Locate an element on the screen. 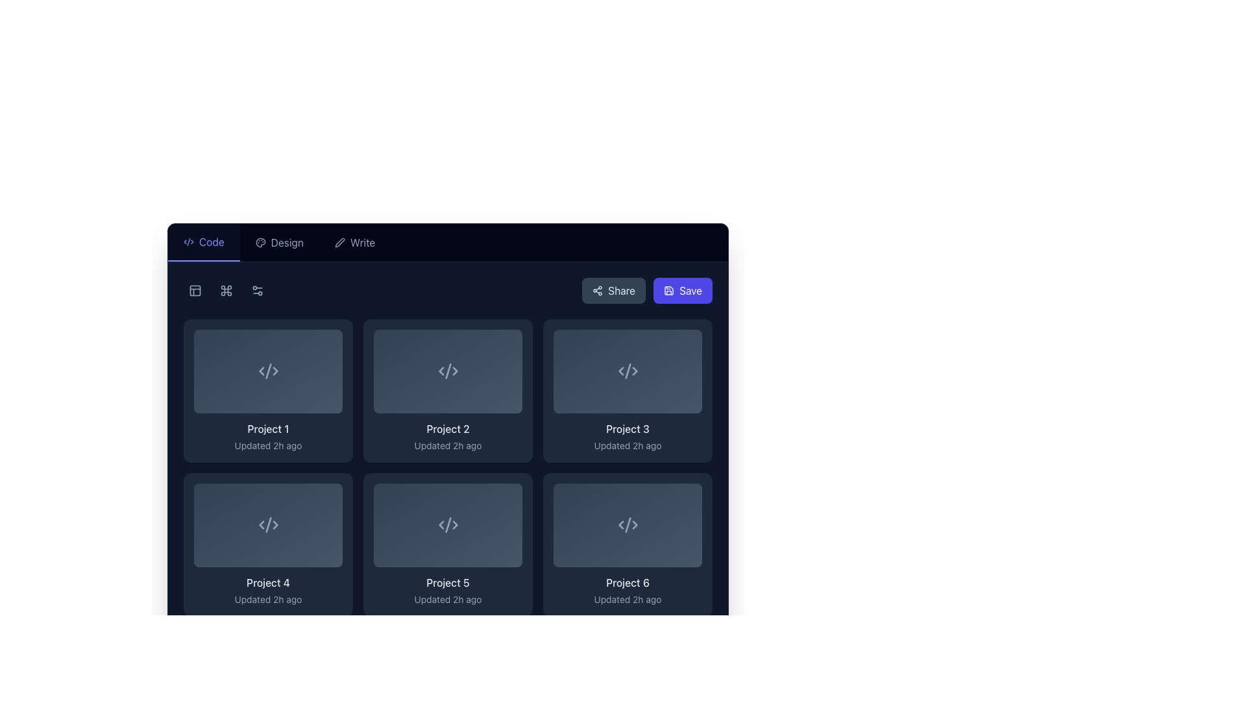  the sharing icon, which consists of three connected dots forming a triangular shape, located to the left of the 'Share' text label in the upper-right section of the interface is located at coordinates (597, 289).